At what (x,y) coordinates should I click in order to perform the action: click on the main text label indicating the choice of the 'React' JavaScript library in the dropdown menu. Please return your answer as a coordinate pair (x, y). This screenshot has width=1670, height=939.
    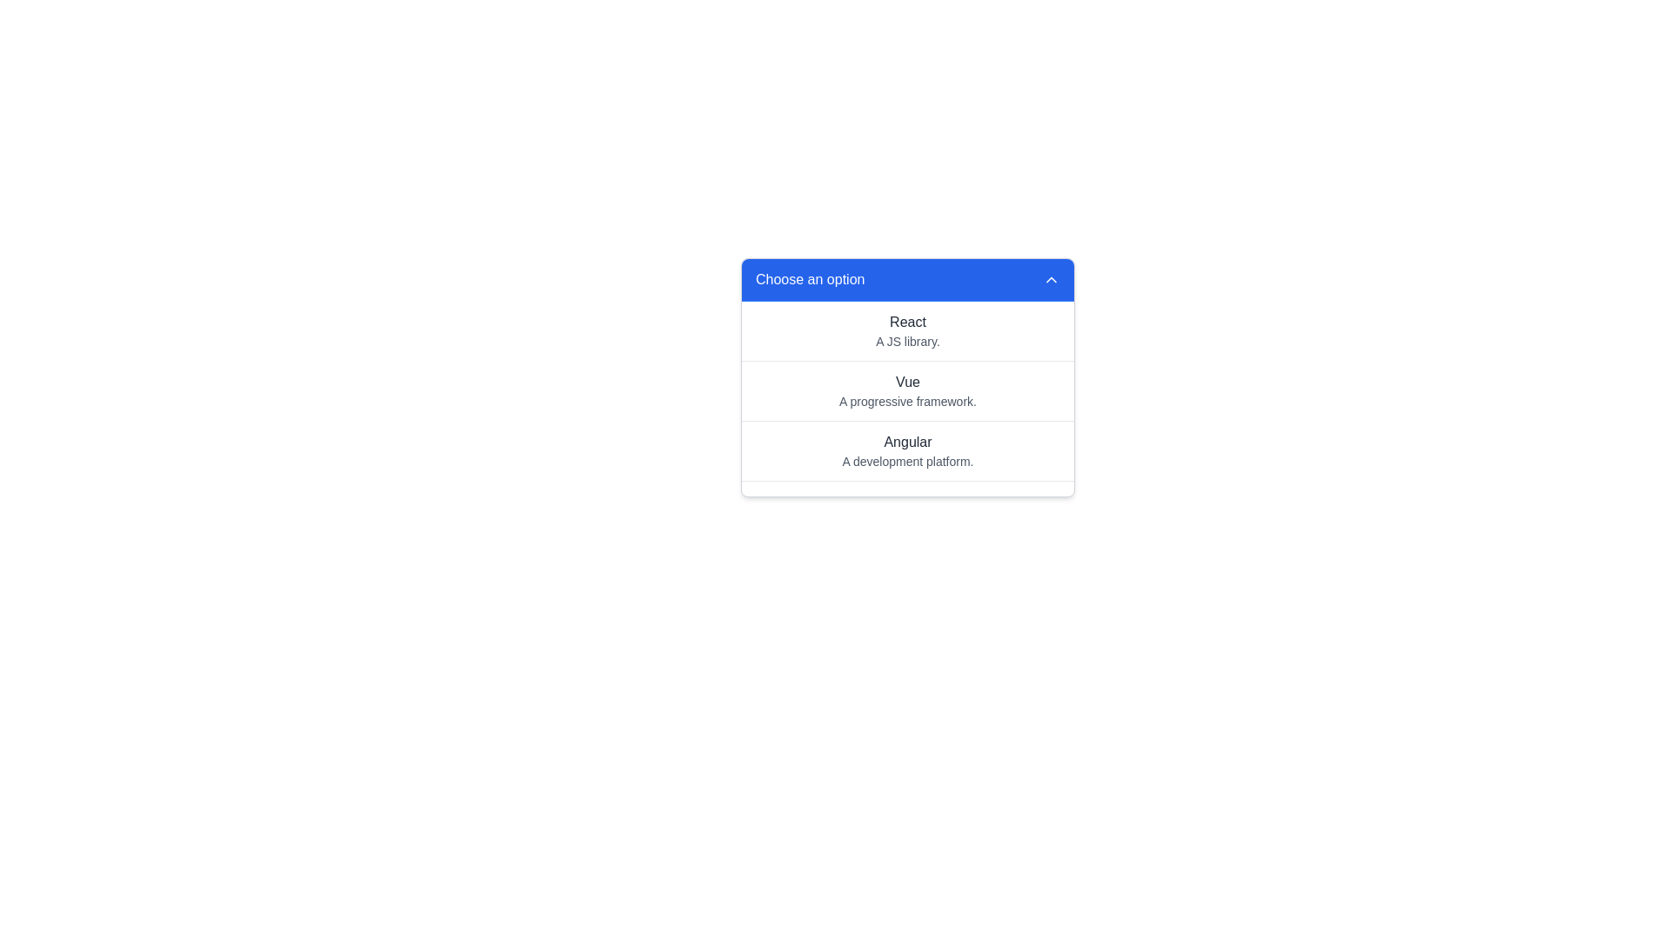
    Looking at the image, I should click on (906, 322).